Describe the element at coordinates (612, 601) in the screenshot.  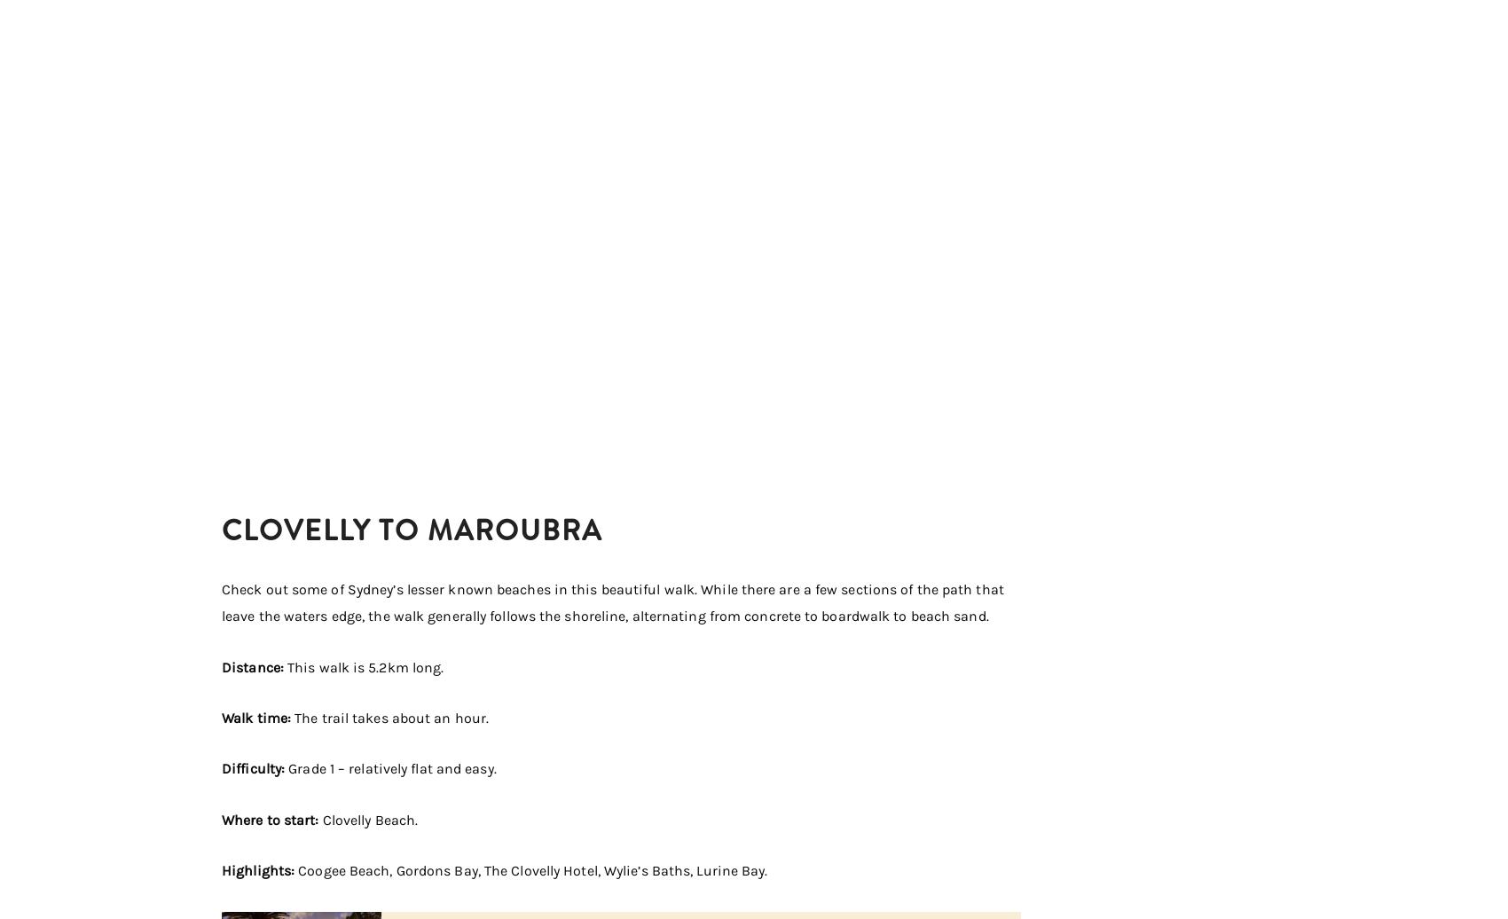
I see `'Check out some of Sydney’s lesser known beaches in this beautiful walk. While there are a few sections of the path that leave the waters edge, the walk generally follows the shoreline, alternating from concrete to boardwalk to beach sand.'` at that location.